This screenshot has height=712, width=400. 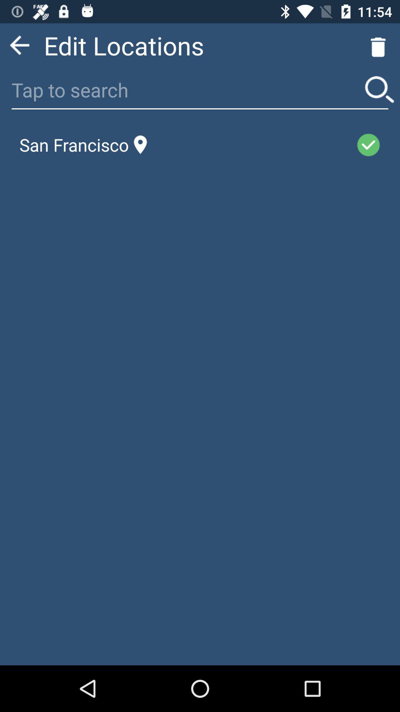 What do you see at coordinates (378, 45) in the screenshot?
I see `the delete icon` at bounding box center [378, 45].